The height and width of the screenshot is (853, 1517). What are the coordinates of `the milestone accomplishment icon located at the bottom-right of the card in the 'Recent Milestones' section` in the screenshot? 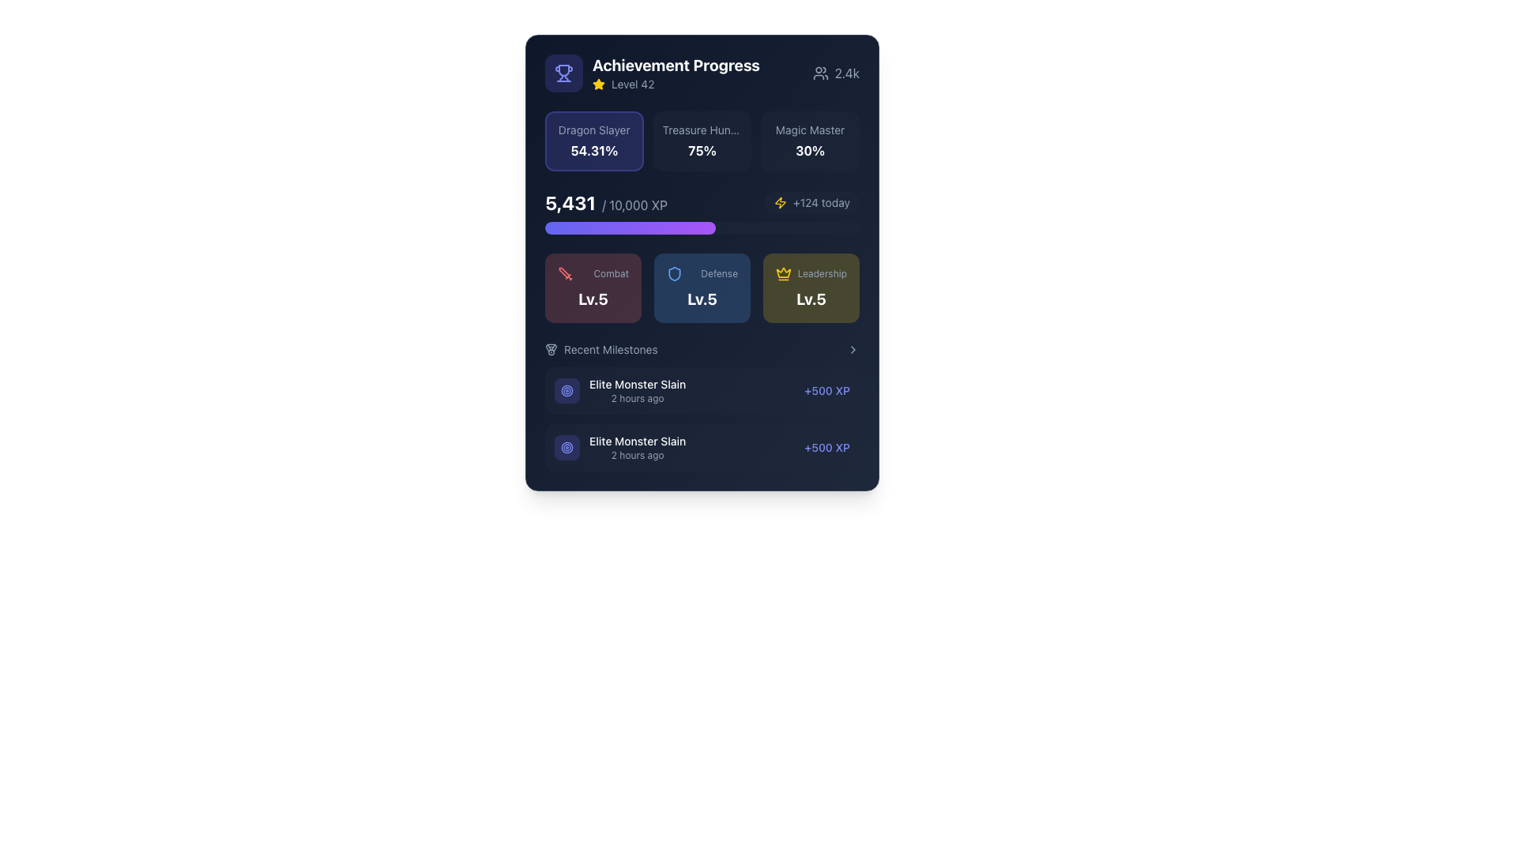 It's located at (567, 448).